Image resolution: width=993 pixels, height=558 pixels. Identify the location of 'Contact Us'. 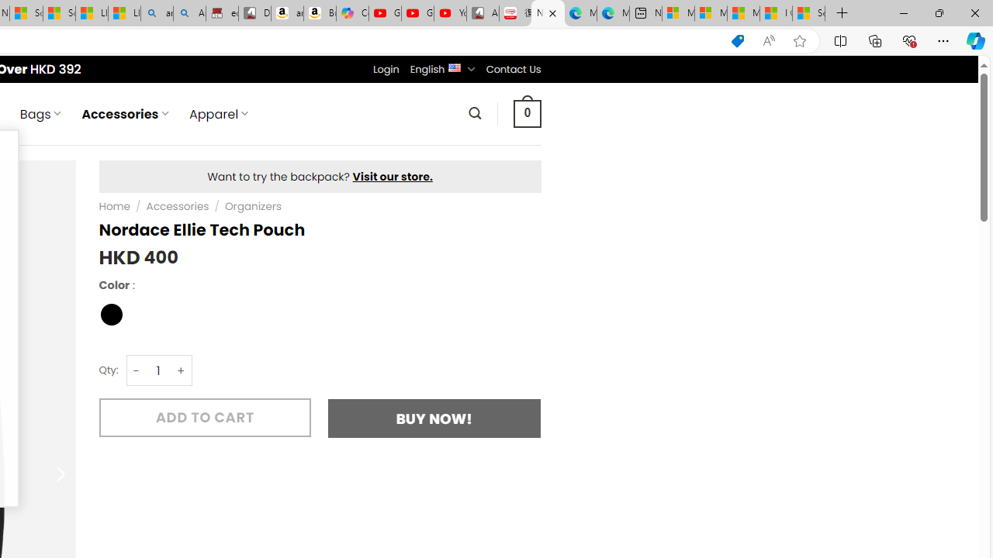
(513, 68).